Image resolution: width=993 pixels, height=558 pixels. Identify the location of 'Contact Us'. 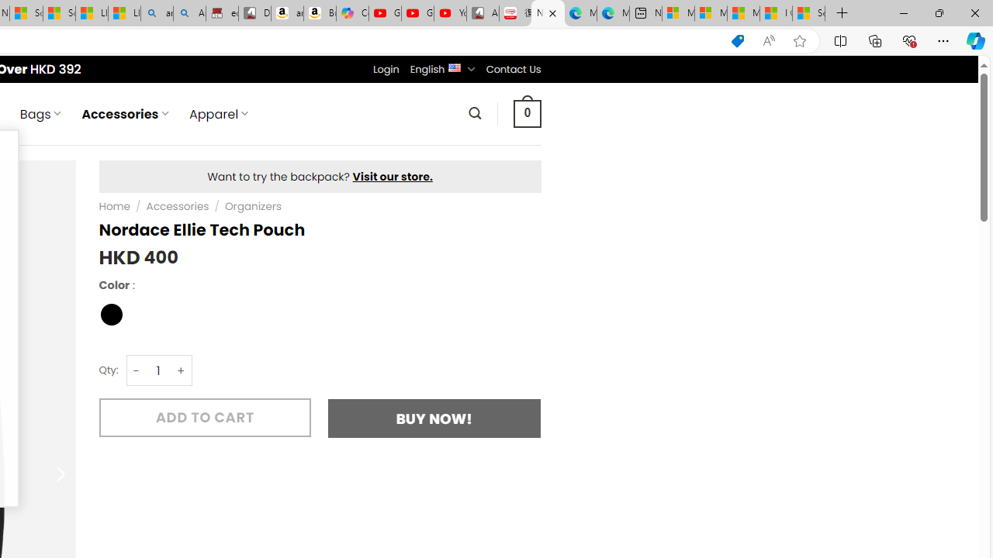
(513, 68).